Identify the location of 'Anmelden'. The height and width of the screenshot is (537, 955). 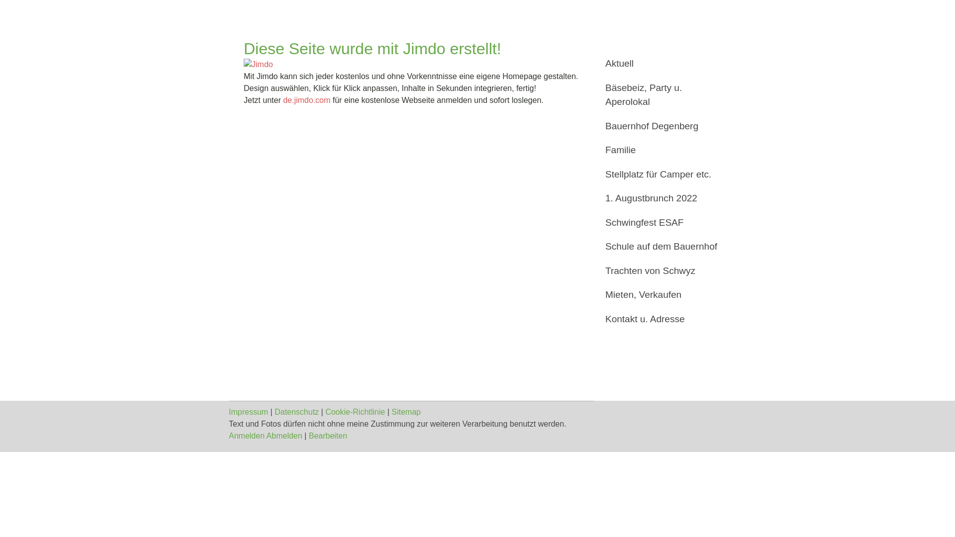
(246, 435).